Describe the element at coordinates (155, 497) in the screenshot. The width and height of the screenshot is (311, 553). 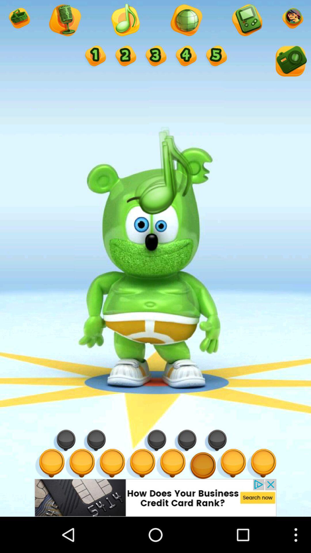
I see `click the advertisements options` at that location.